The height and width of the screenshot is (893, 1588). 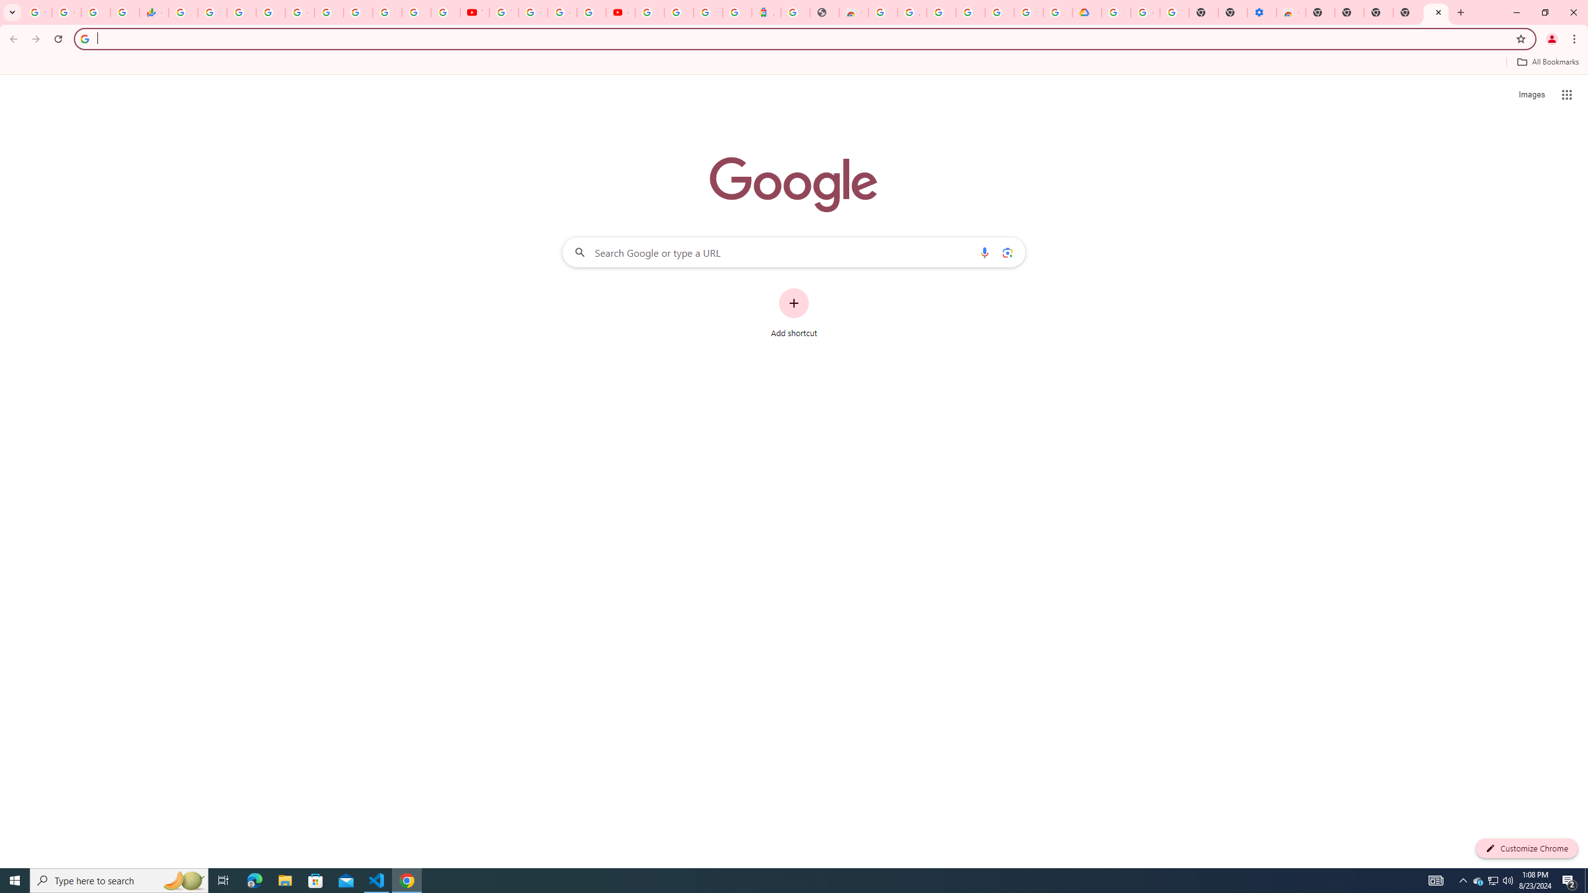 I want to click on 'Turn cookies on or off - Computer - Google Account Help', so click(x=1174, y=12).